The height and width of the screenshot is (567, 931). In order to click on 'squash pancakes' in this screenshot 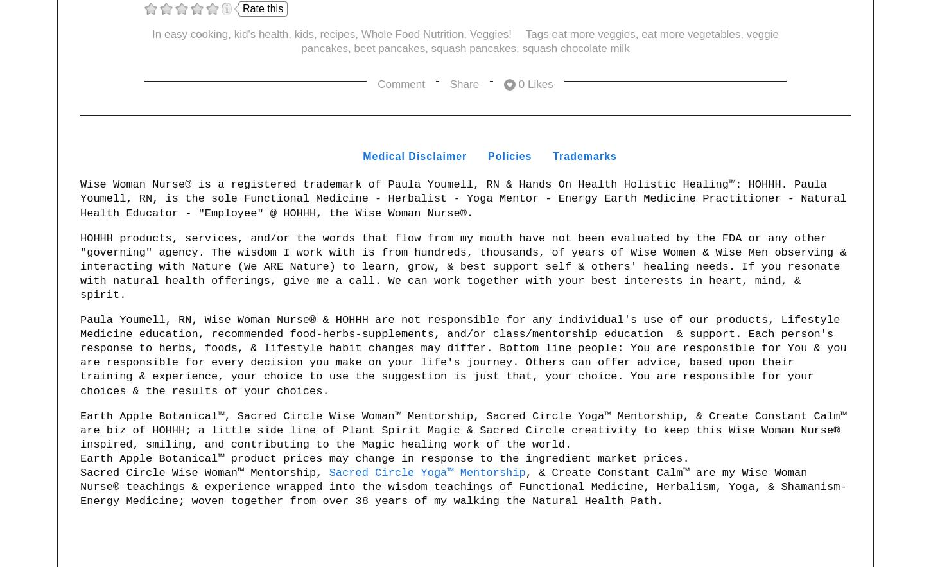, I will do `click(473, 48)`.